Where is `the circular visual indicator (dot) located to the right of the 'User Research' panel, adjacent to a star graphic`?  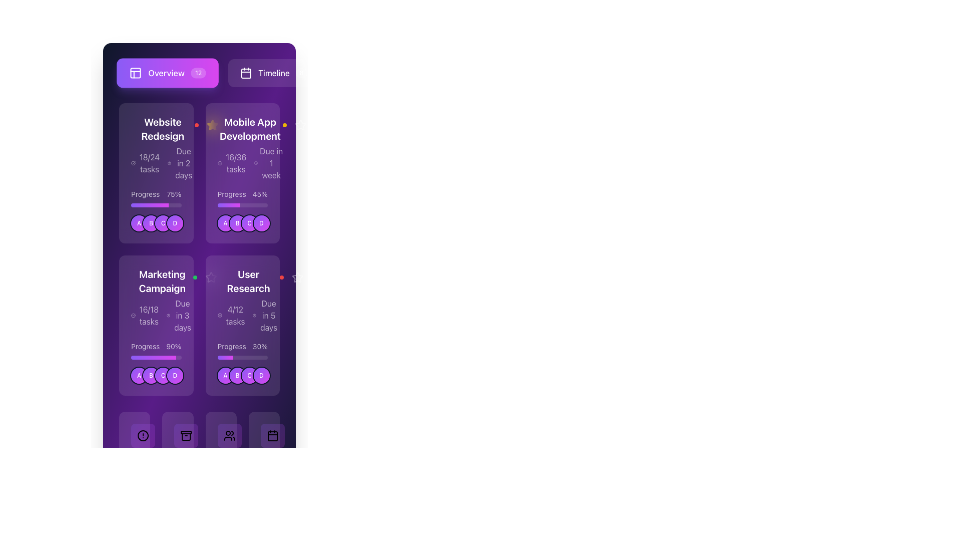 the circular visual indicator (dot) located to the right of the 'User Research' panel, adjacent to a star graphic is located at coordinates (304, 278).